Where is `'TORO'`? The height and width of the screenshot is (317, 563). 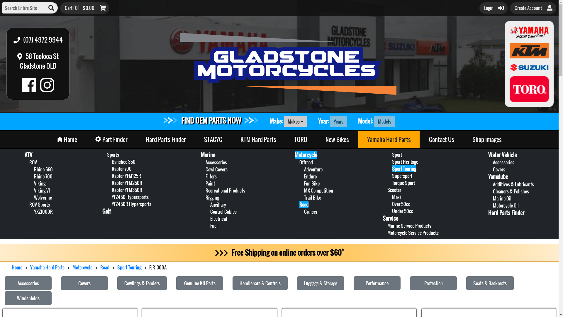
'TORO' is located at coordinates (301, 139).